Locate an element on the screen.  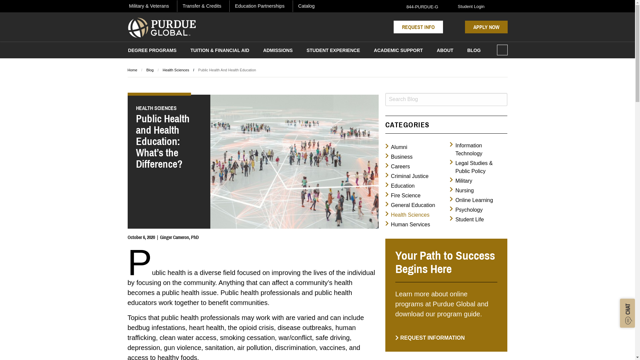
'Student Login' is located at coordinates (467, 6).